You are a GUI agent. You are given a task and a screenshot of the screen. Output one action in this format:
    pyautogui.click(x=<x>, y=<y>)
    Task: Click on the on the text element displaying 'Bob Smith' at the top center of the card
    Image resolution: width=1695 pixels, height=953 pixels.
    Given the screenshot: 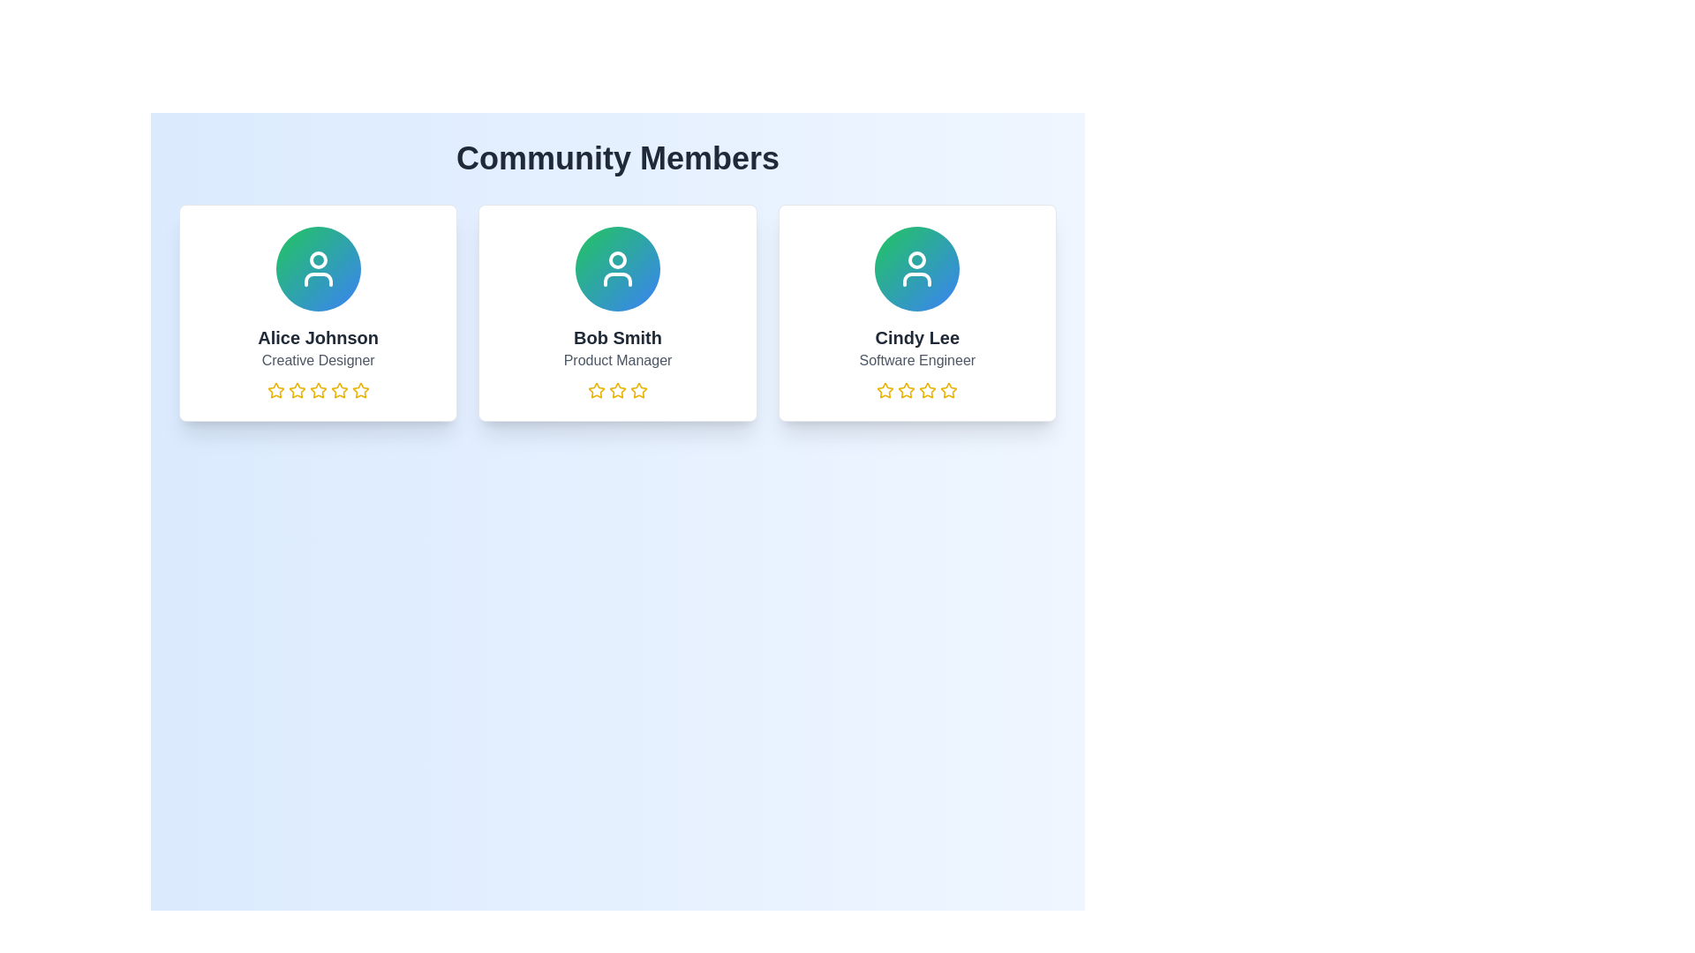 What is the action you would take?
    pyautogui.click(x=618, y=337)
    